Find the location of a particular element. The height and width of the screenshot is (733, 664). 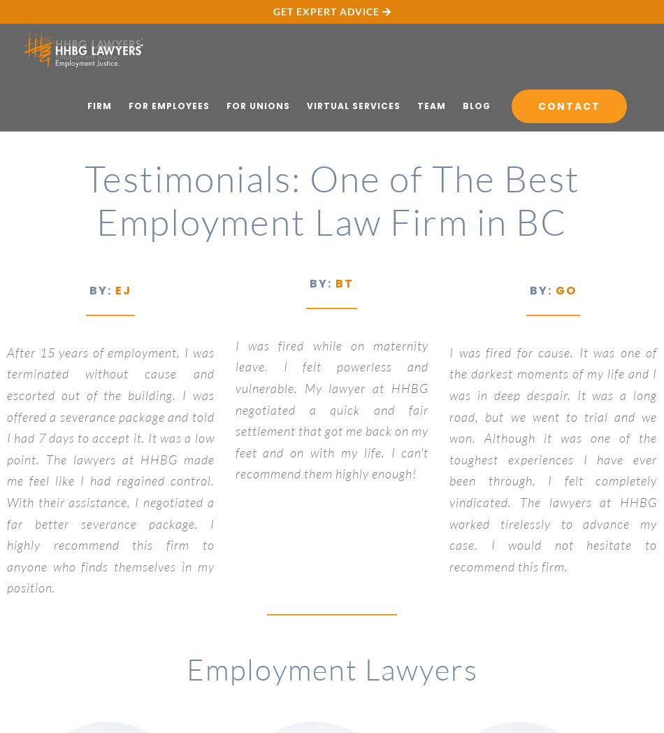

'Get Expert Advice' is located at coordinates (271, 10).